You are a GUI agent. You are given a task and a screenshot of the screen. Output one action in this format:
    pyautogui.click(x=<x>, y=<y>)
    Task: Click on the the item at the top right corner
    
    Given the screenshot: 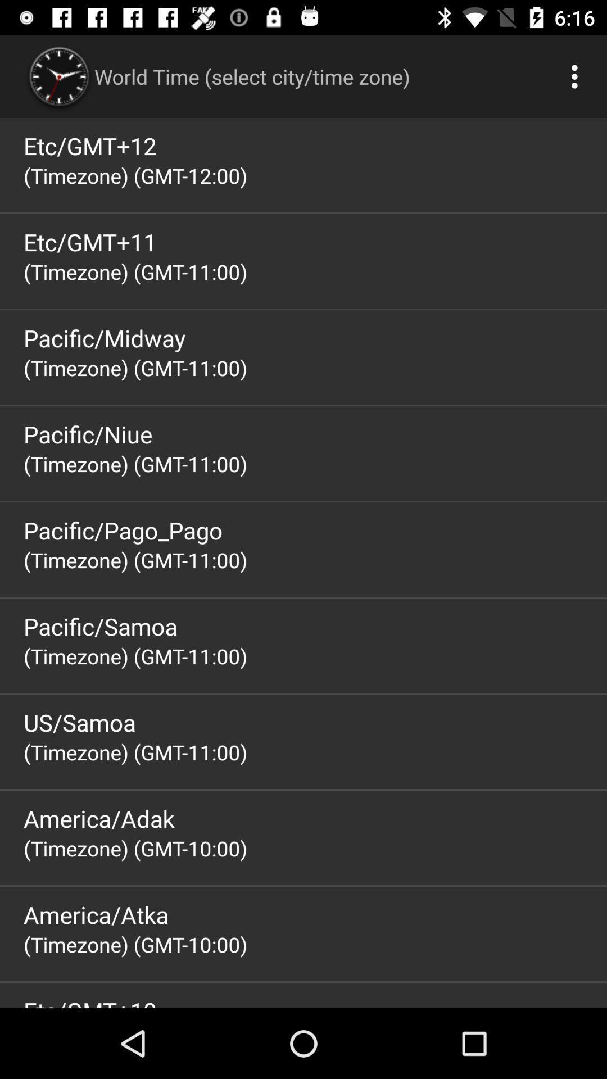 What is the action you would take?
    pyautogui.click(x=577, y=76)
    